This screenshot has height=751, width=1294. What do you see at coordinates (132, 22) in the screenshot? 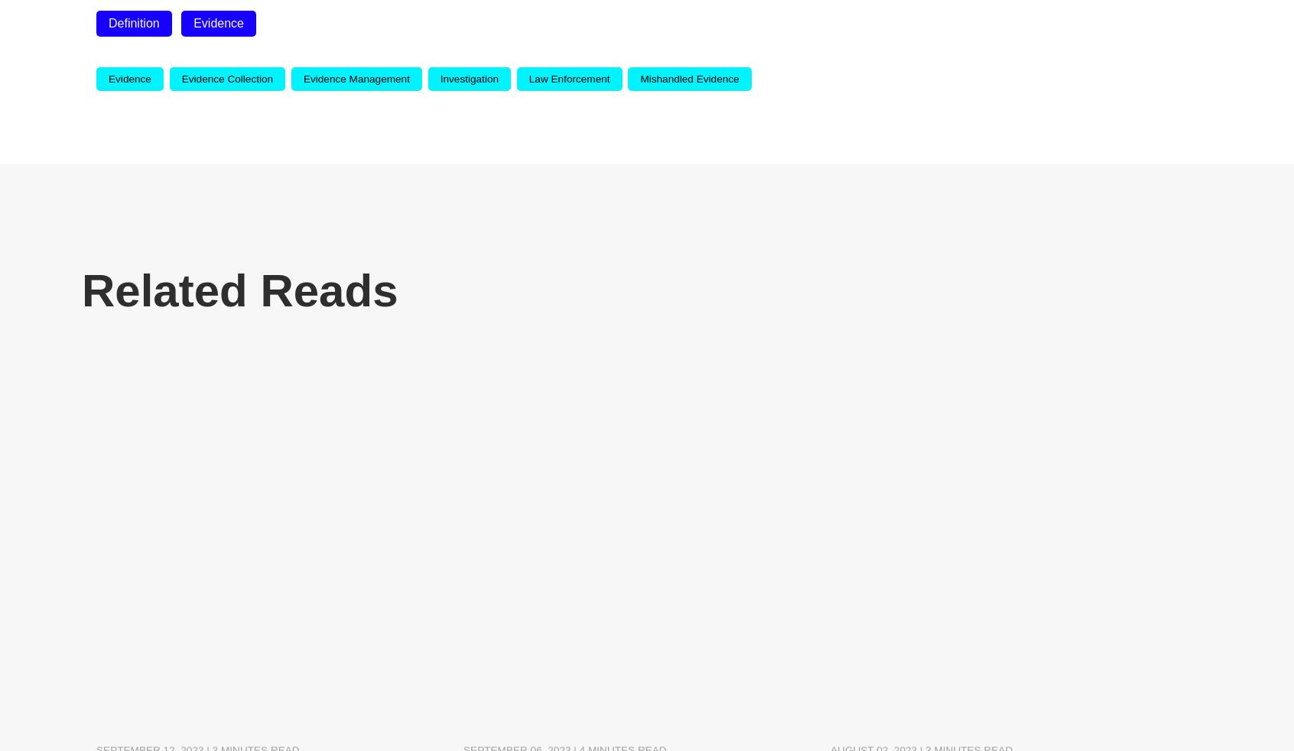
I see `'Definition'` at bounding box center [132, 22].